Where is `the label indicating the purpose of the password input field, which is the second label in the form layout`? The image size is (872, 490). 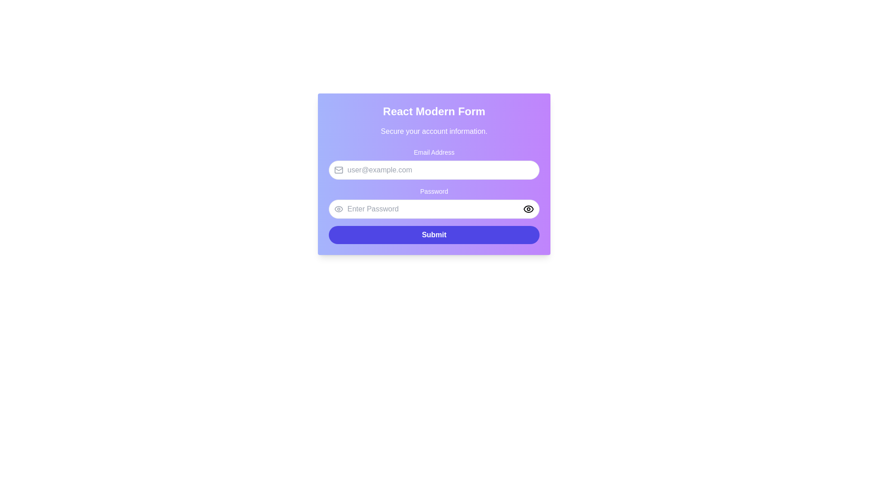 the label indicating the purpose of the password input field, which is the second label in the form layout is located at coordinates (433, 202).